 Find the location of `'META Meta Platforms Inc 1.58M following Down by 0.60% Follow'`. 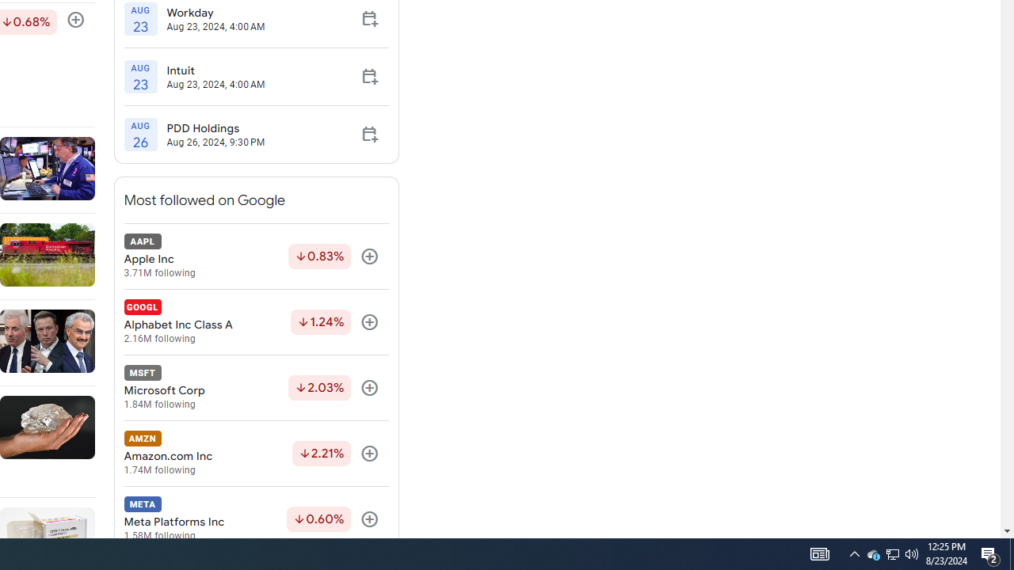

'META Meta Platforms Inc 1.58M following Down by 0.60% Follow' is located at coordinates (256, 519).